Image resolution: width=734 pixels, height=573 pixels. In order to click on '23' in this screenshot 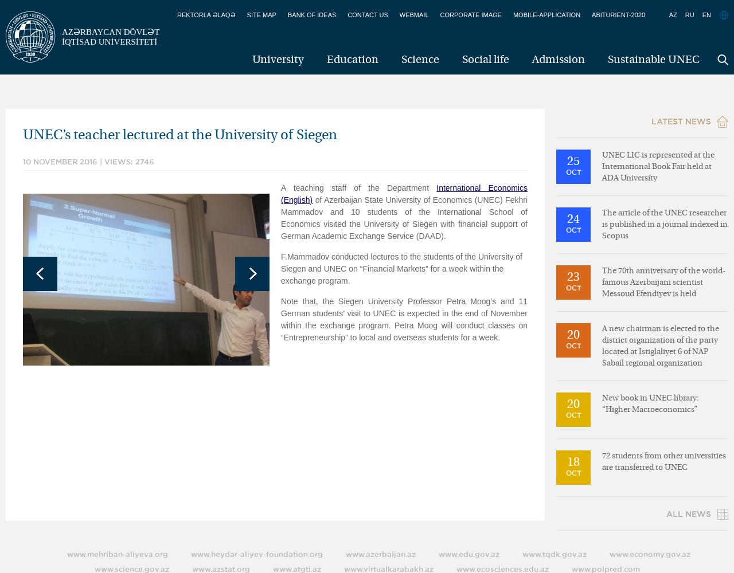, I will do `click(573, 276)`.